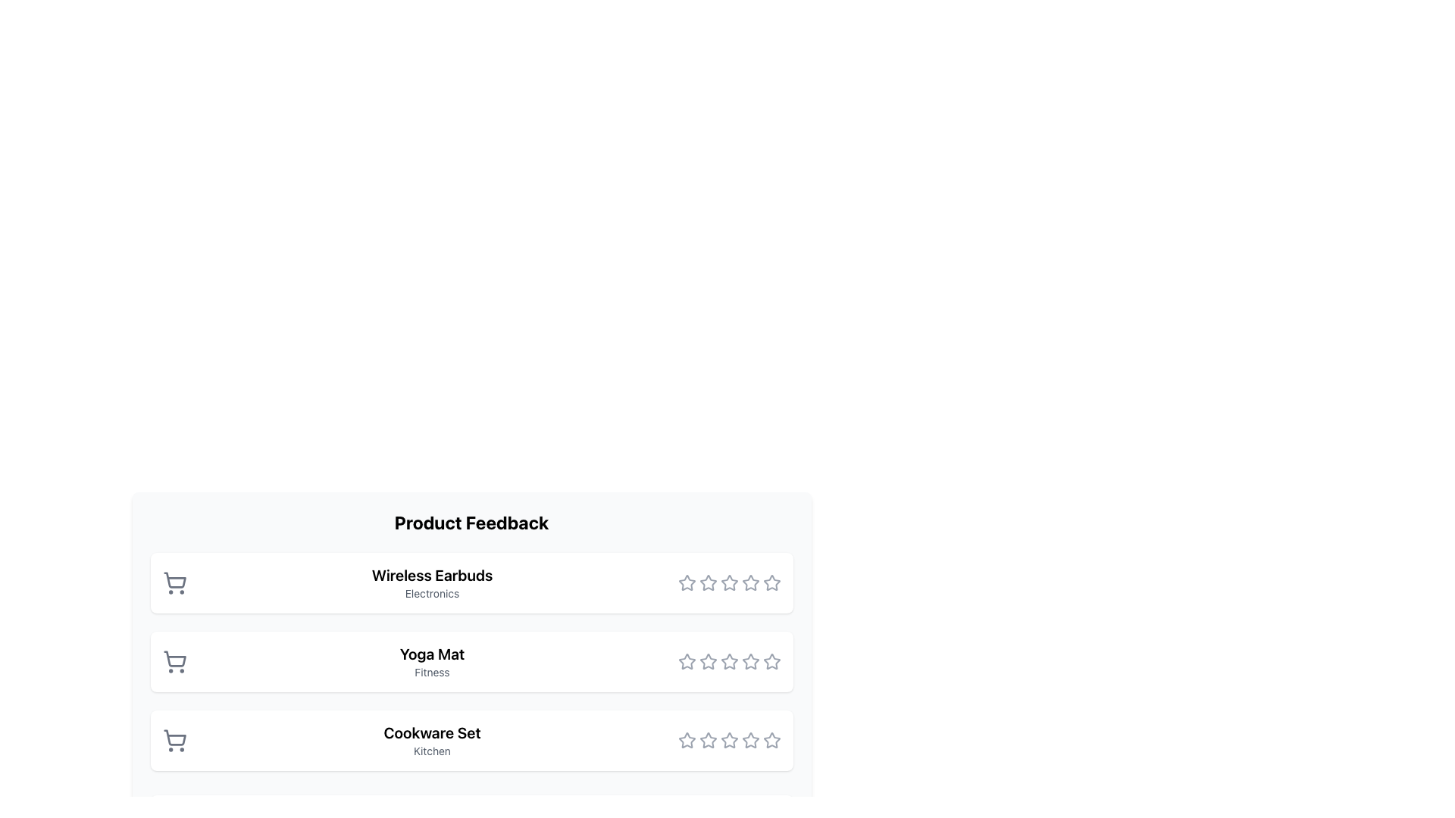 The height and width of the screenshot is (818, 1455). I want to click on the highlighted third star icon in the rating system, so click(729, 740).